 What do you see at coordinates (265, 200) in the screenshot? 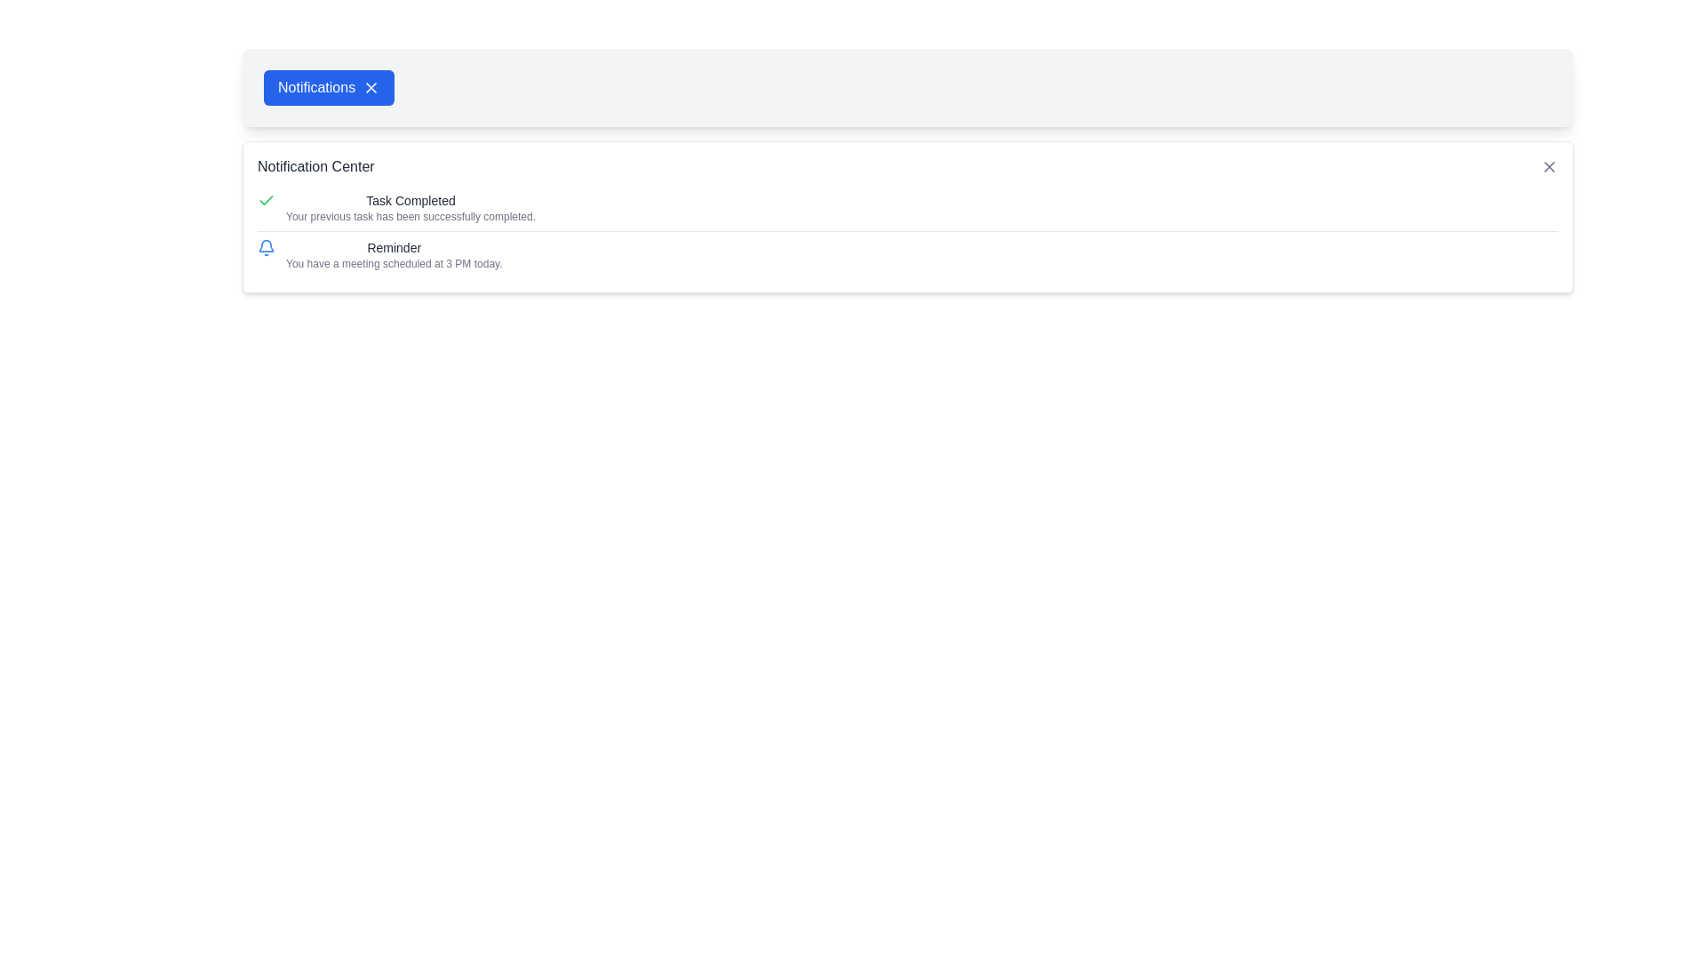
I see `the checkmark icon that indicates the successful completion of a task, located within the notification card, to the left of the text 'Task Completed'` at bounding box center [265, 200].